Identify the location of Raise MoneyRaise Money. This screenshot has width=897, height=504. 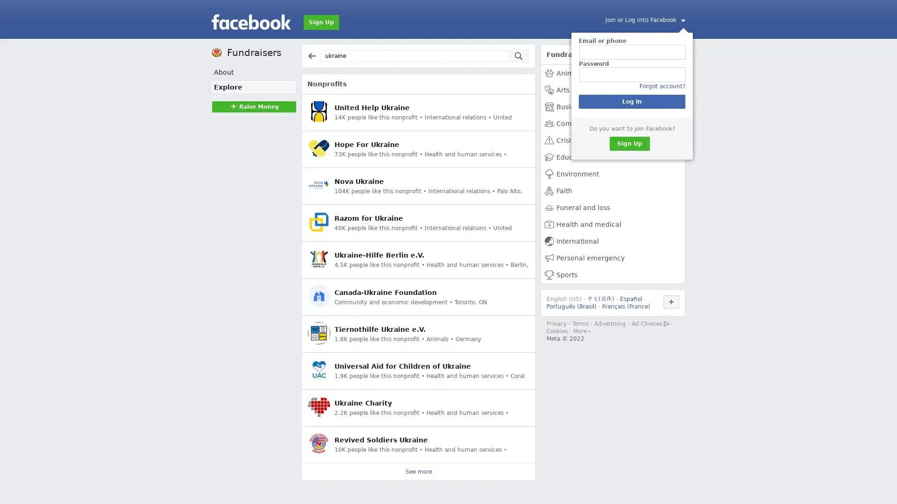
(254, 105).